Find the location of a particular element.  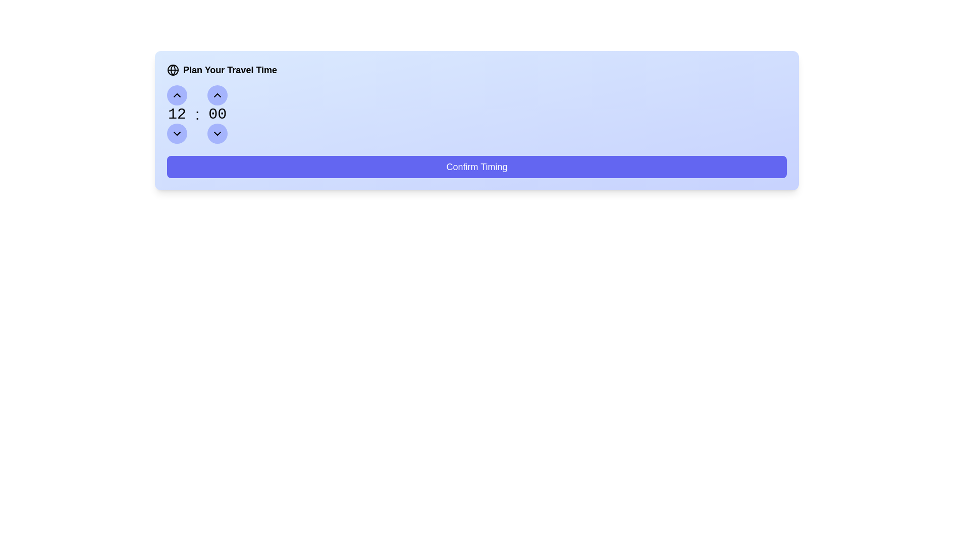

the circular blue button with a downward-facing chevron icon, located below the numeric display showing '00' in the vertical stack of interactive elements is located at coordinates (217, 133).